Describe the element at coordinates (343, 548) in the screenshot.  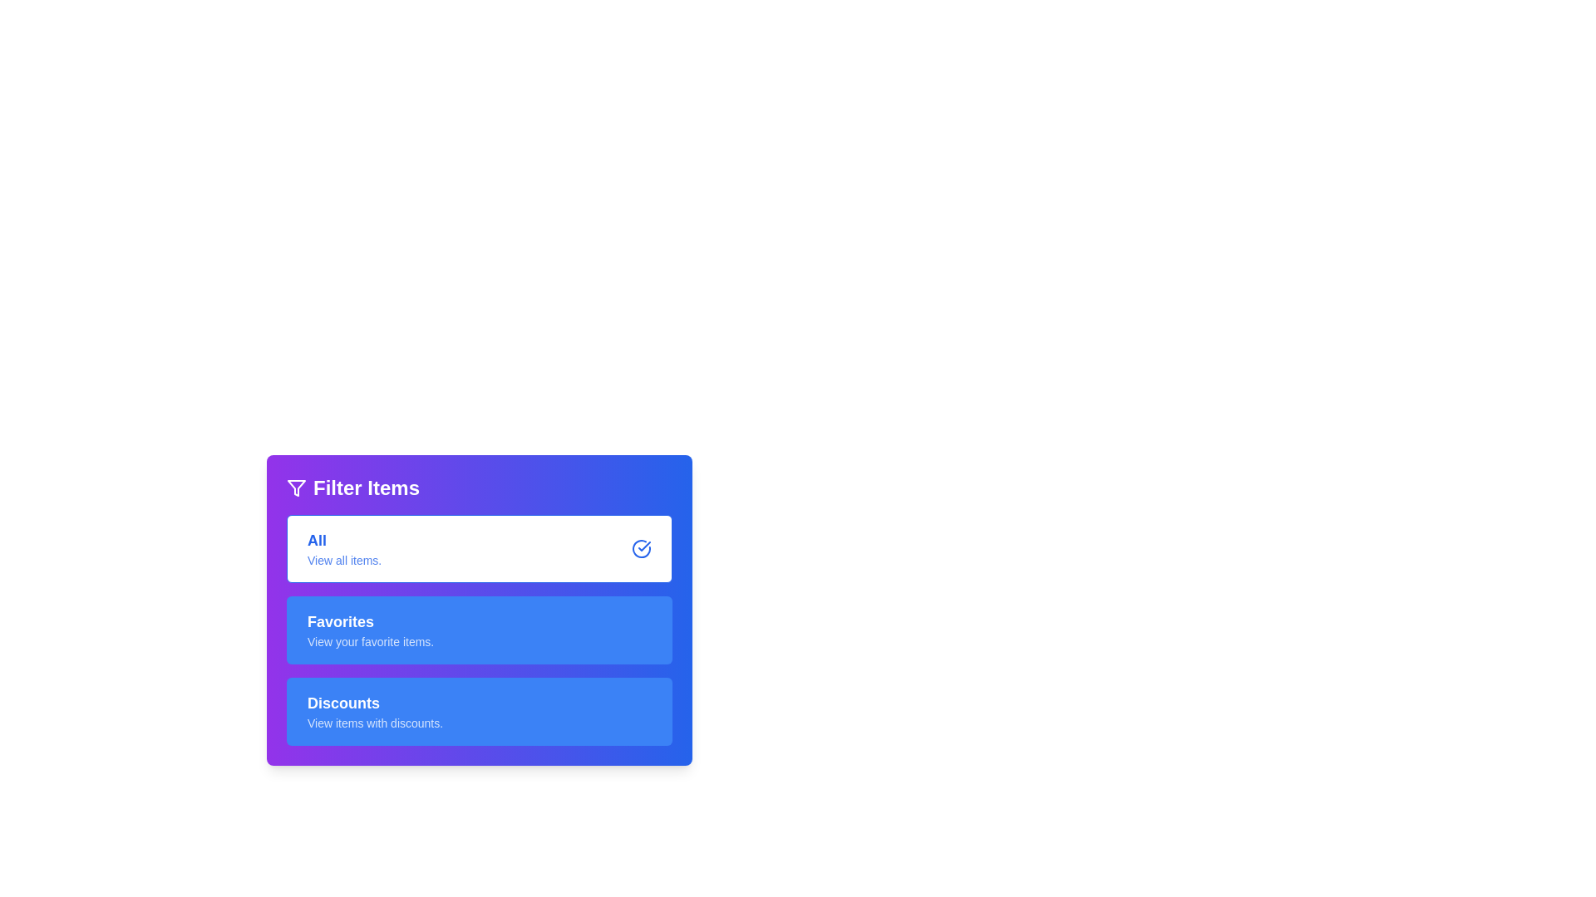
I see `the selectable 'All' items text label located just below the 'Filter Items' title` at that location.